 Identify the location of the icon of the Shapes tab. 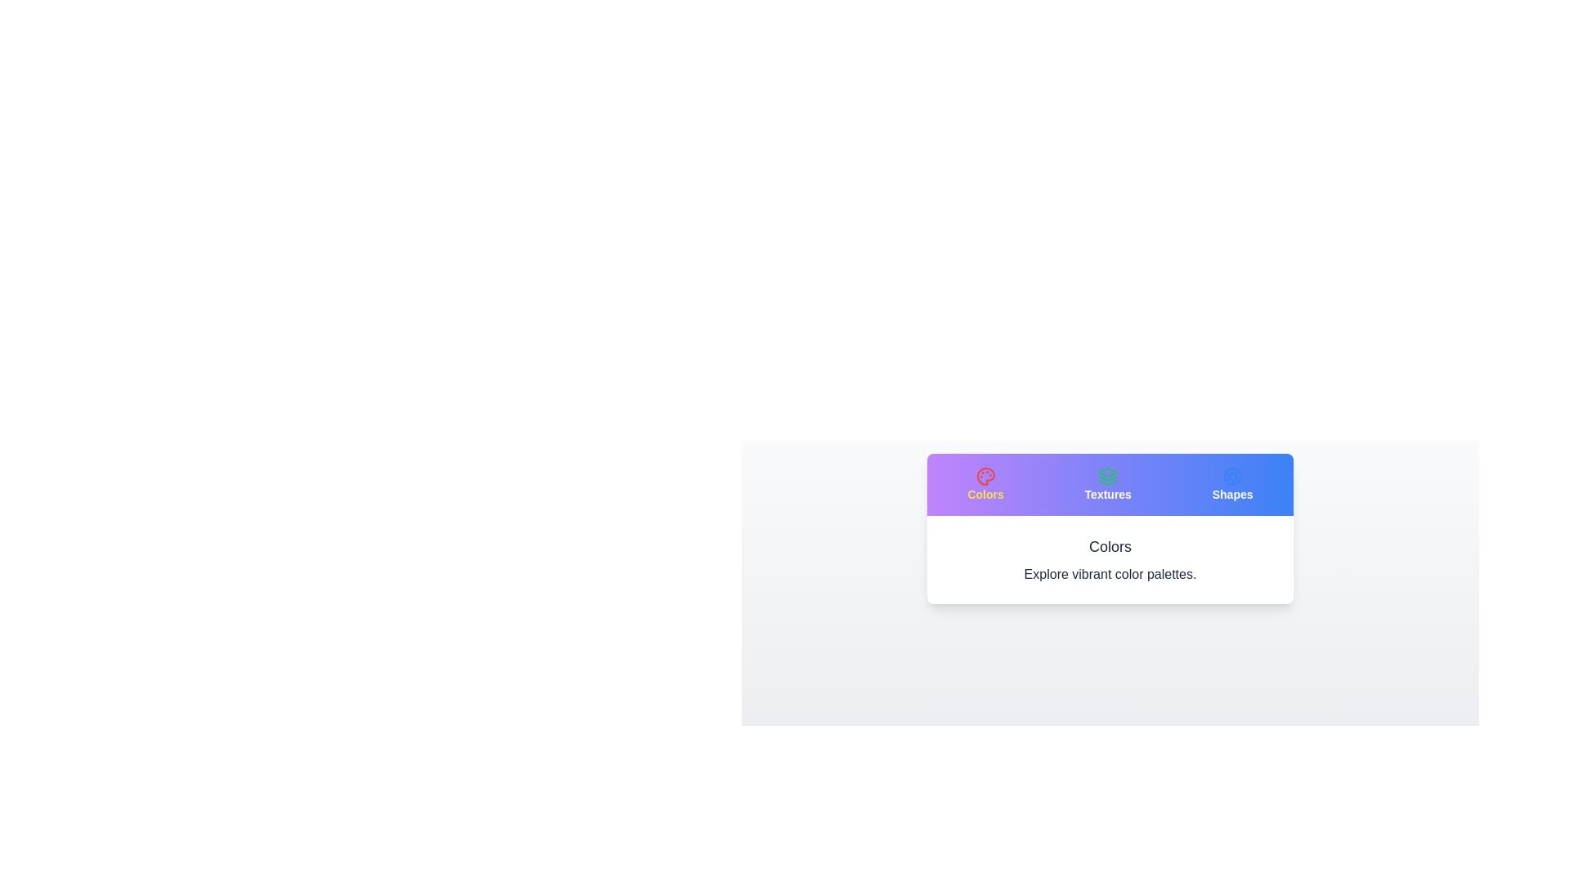
(1232, 484).